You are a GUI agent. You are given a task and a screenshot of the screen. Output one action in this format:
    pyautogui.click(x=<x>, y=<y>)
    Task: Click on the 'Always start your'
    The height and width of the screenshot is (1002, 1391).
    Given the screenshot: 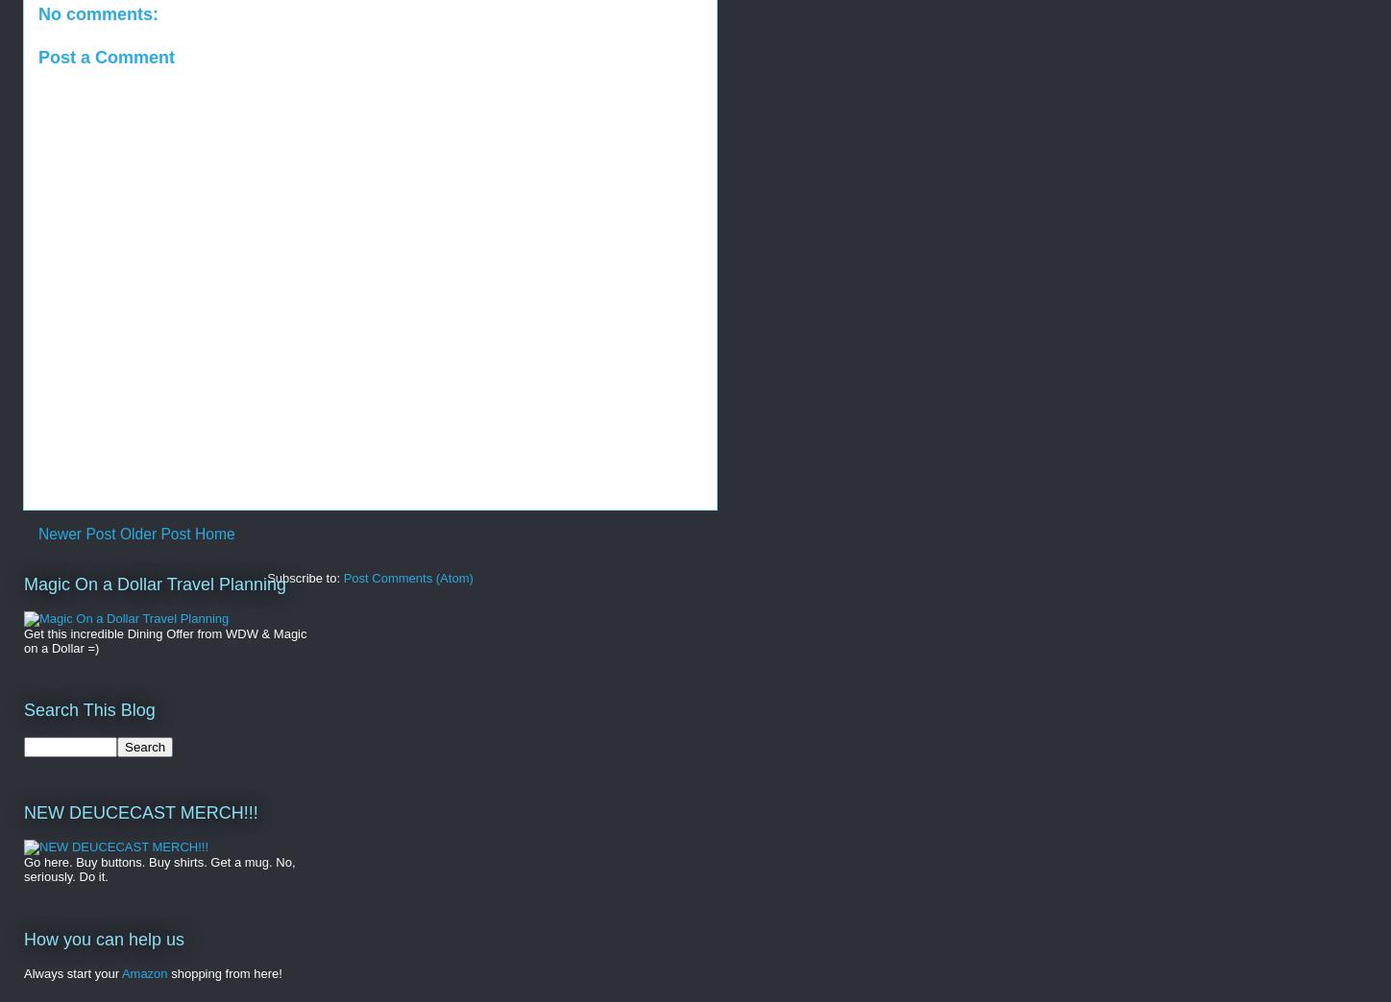 What is the action you would take?
    pyautogui.click(x=24, y=973)
    